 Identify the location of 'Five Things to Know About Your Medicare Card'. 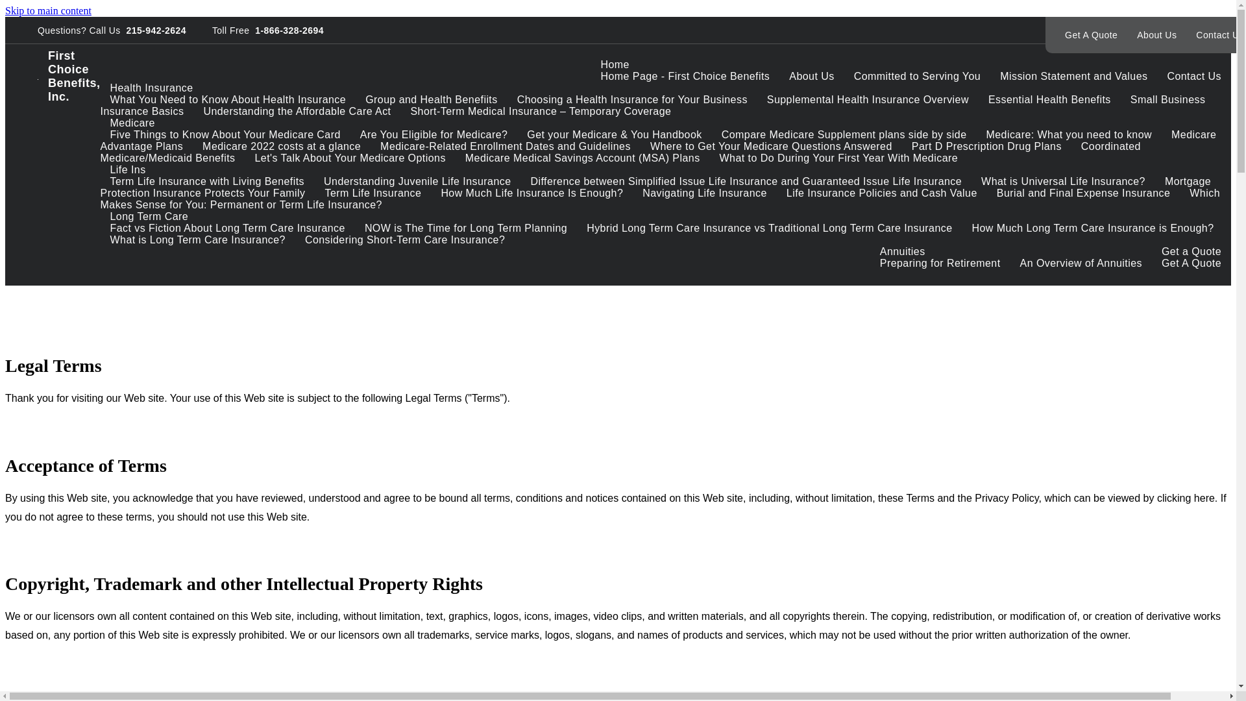
(225, 134).